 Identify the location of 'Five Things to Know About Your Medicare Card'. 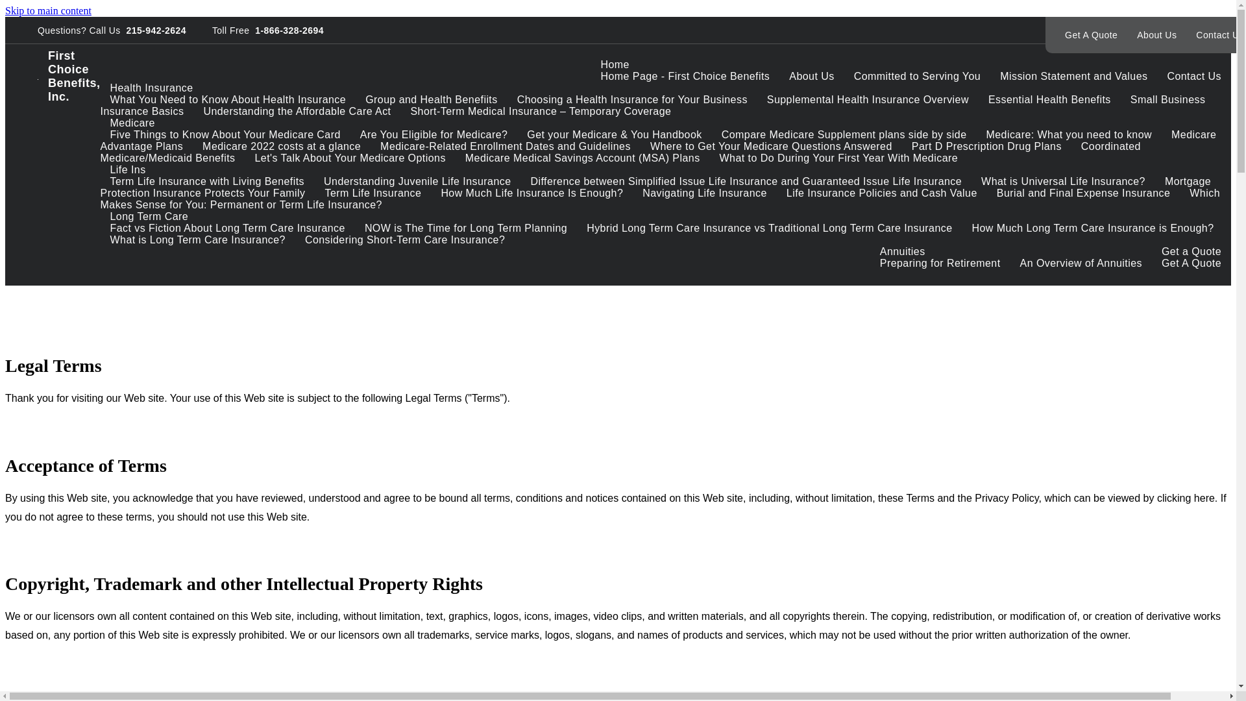
(225, 134).